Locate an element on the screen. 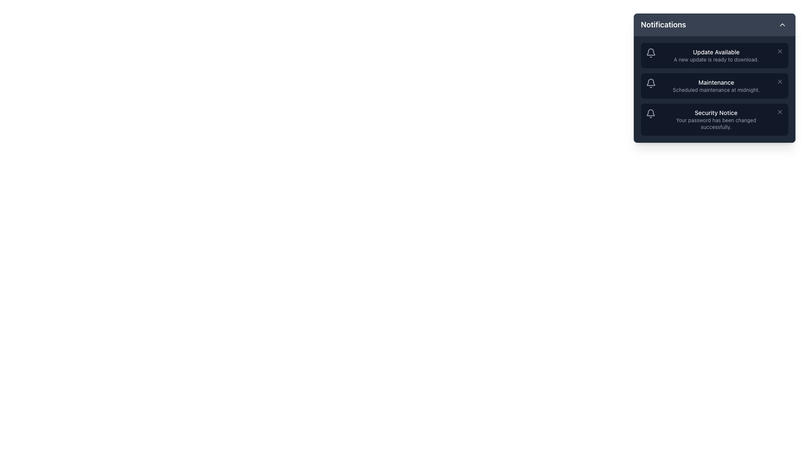  the text block containing the bolded heading 'Maintenance' and the description 'Scheduled maintenance at midnight.' which is located in the middle of a notification-style card is located at coordinates (715, 86).